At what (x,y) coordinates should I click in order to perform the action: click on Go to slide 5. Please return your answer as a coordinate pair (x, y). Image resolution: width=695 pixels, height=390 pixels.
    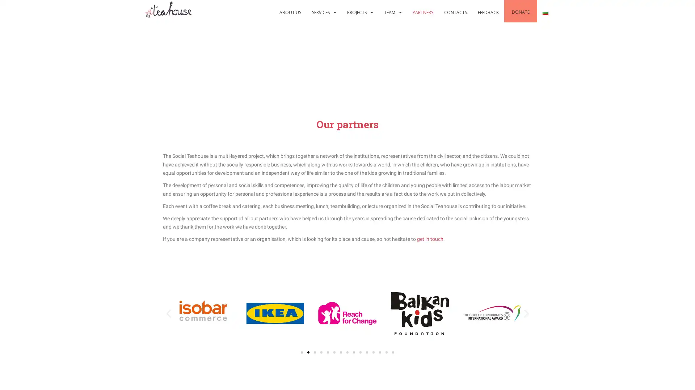
    Looking at the image, I should click on (328, 352).